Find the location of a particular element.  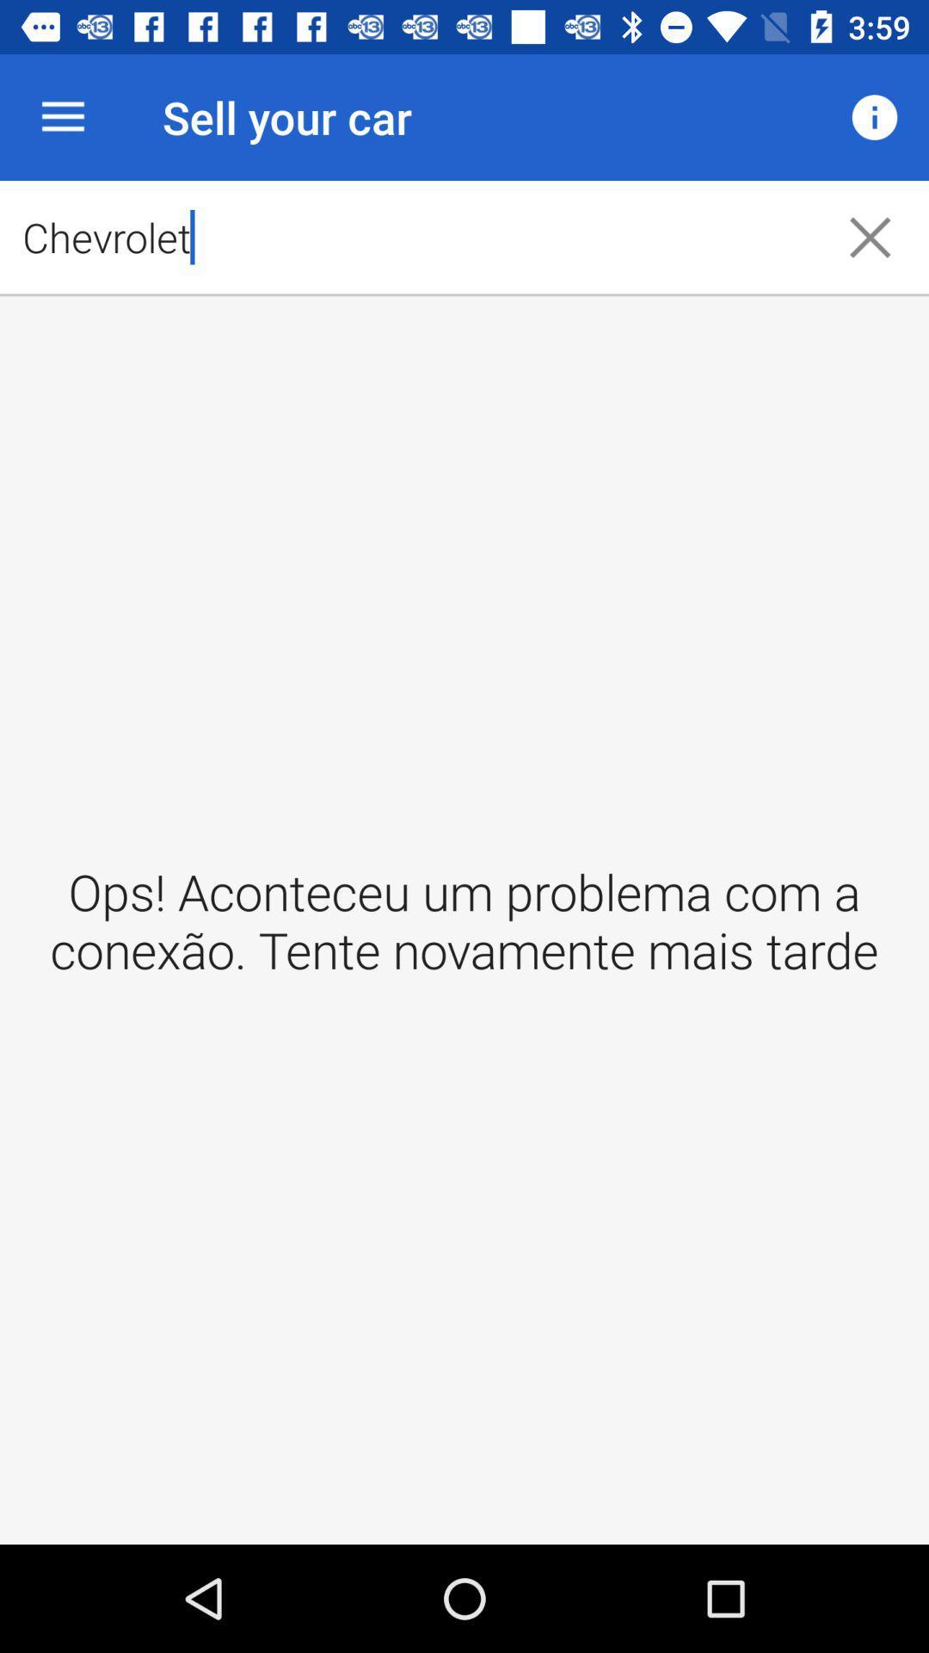

cancel text is located at coordinates (870, 236).